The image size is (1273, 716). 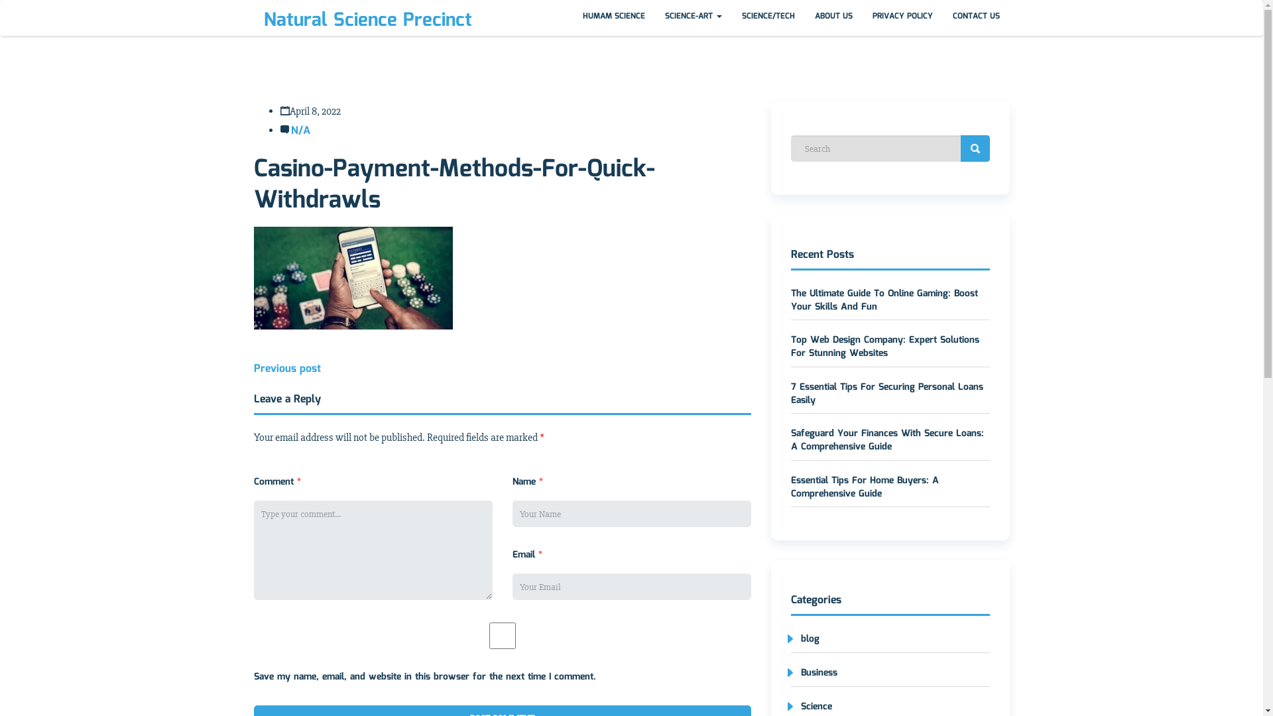 I want to click on '7 Essential Tips For Securing Personal Loans Easily', so click(x=886, y=393).